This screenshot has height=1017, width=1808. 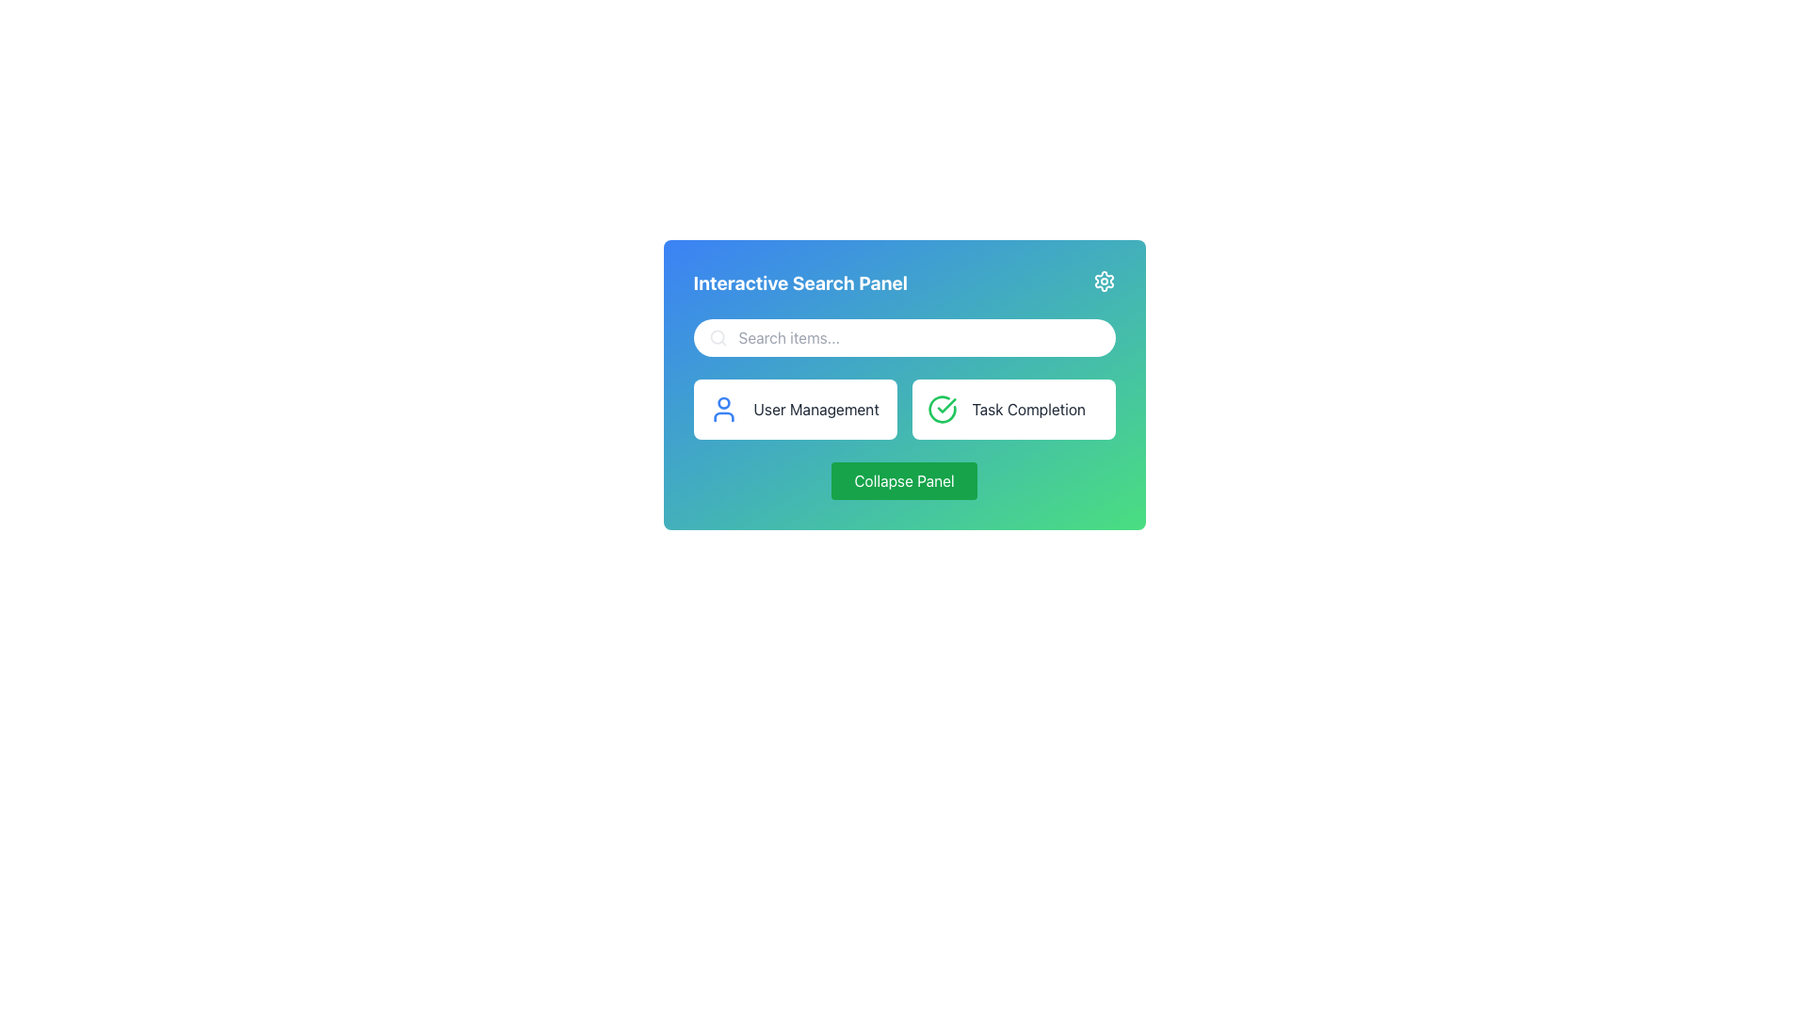 What do you see at coordinates (941, 408) in the screenshot?
I see `the green circular indicator part of the checkmark within the second button from the left in the 'Task Completion' section` at bounding box center [941, 408].